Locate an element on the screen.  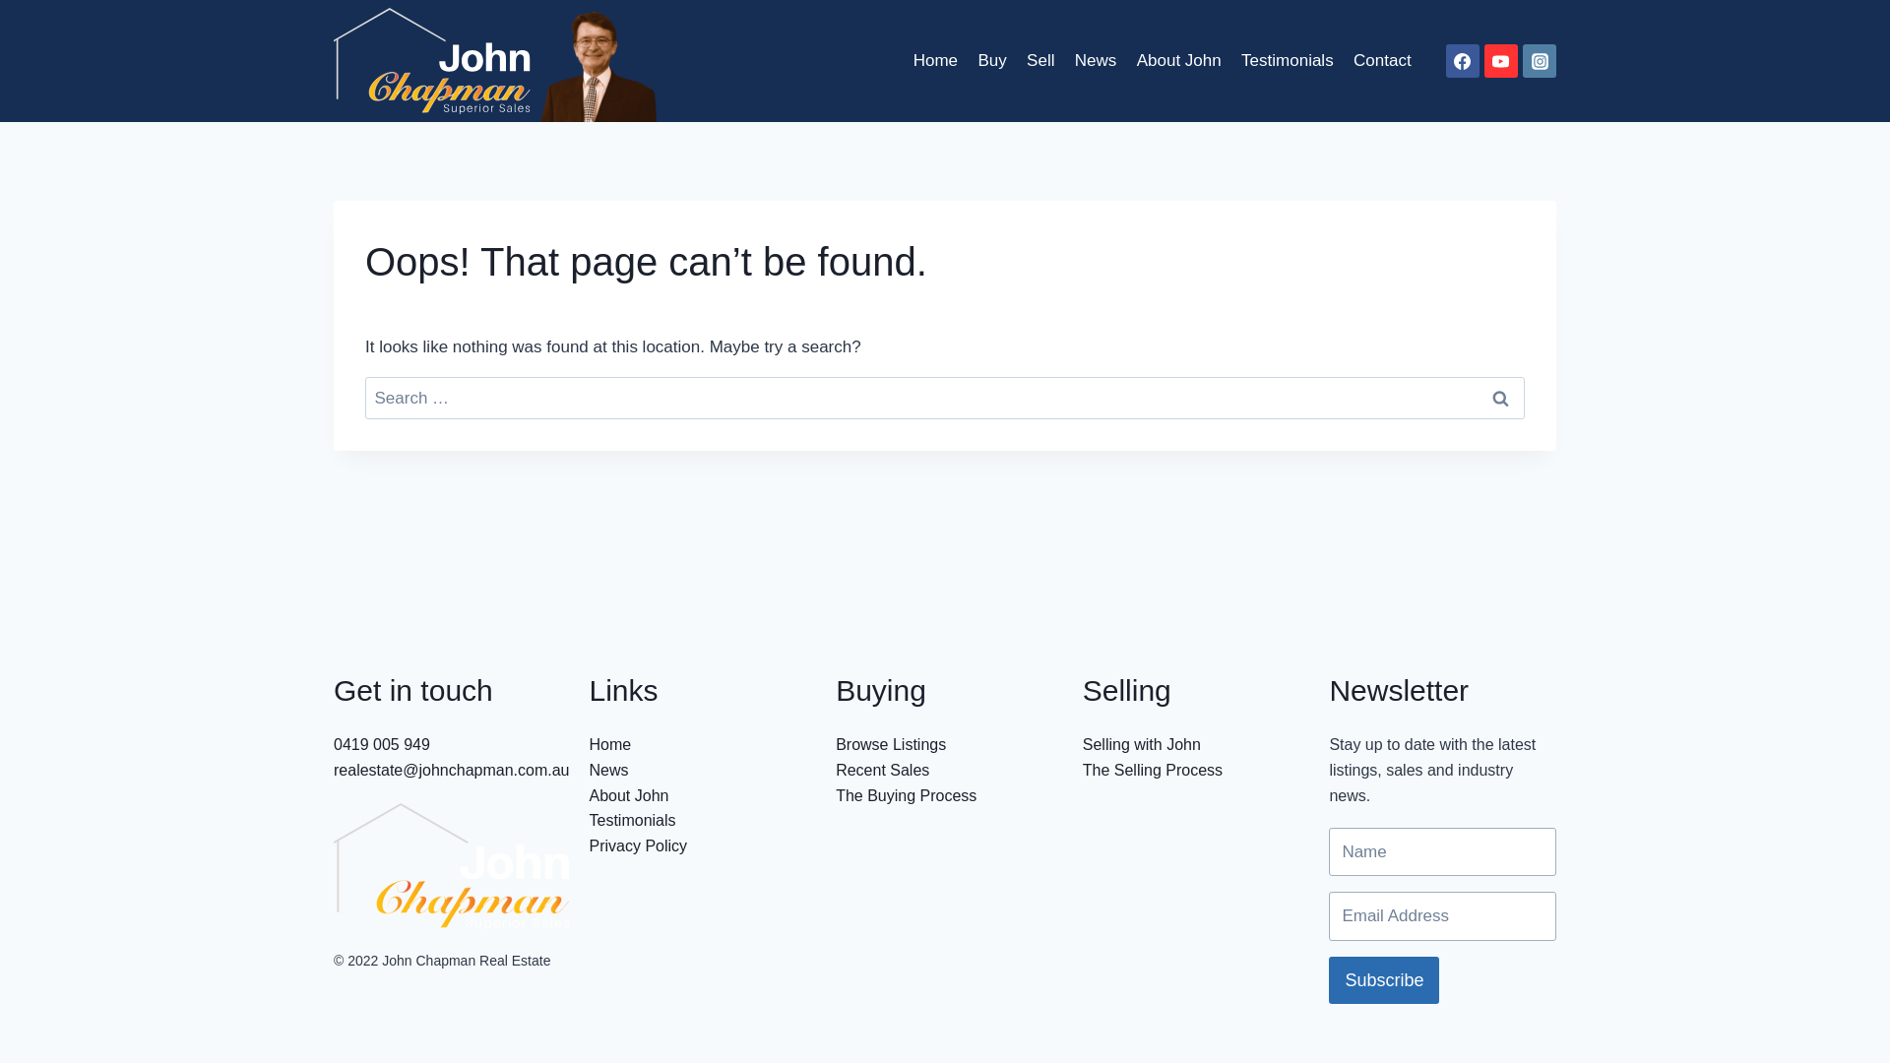
'About John' is located at coordinates (627, 794).